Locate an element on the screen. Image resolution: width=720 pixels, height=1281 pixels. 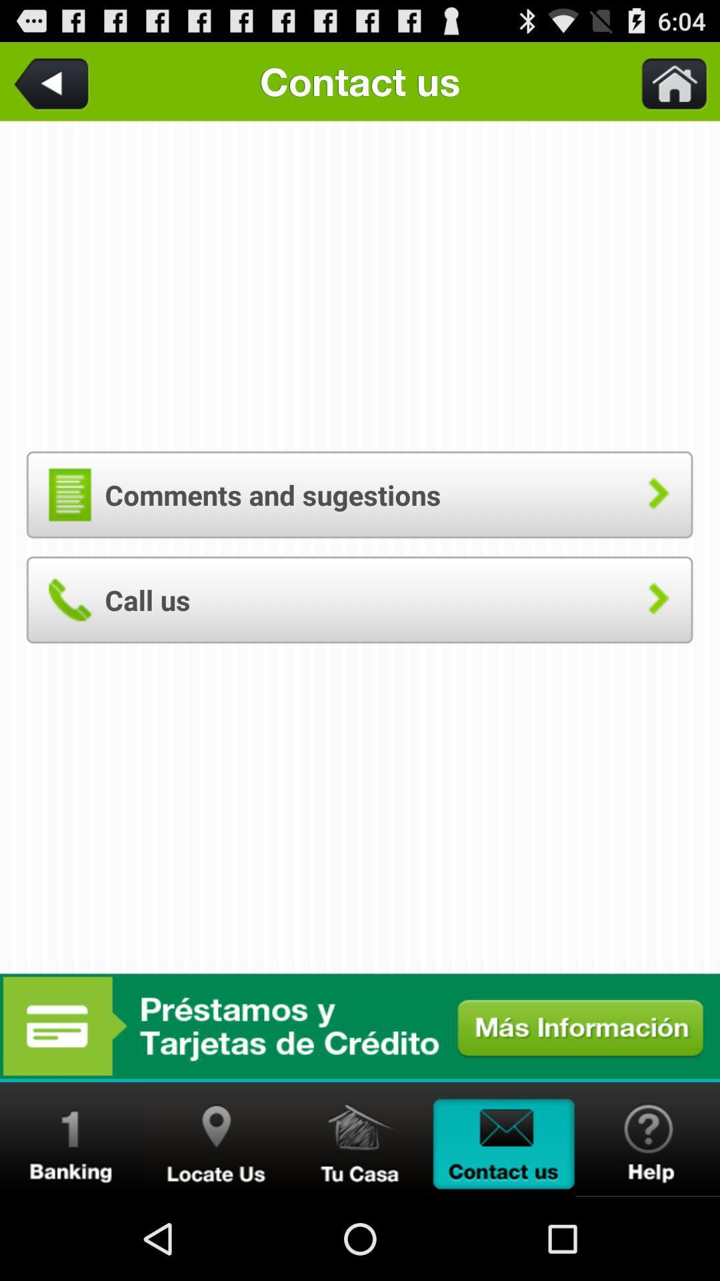
banking category is located at coordinates (72, 1139).